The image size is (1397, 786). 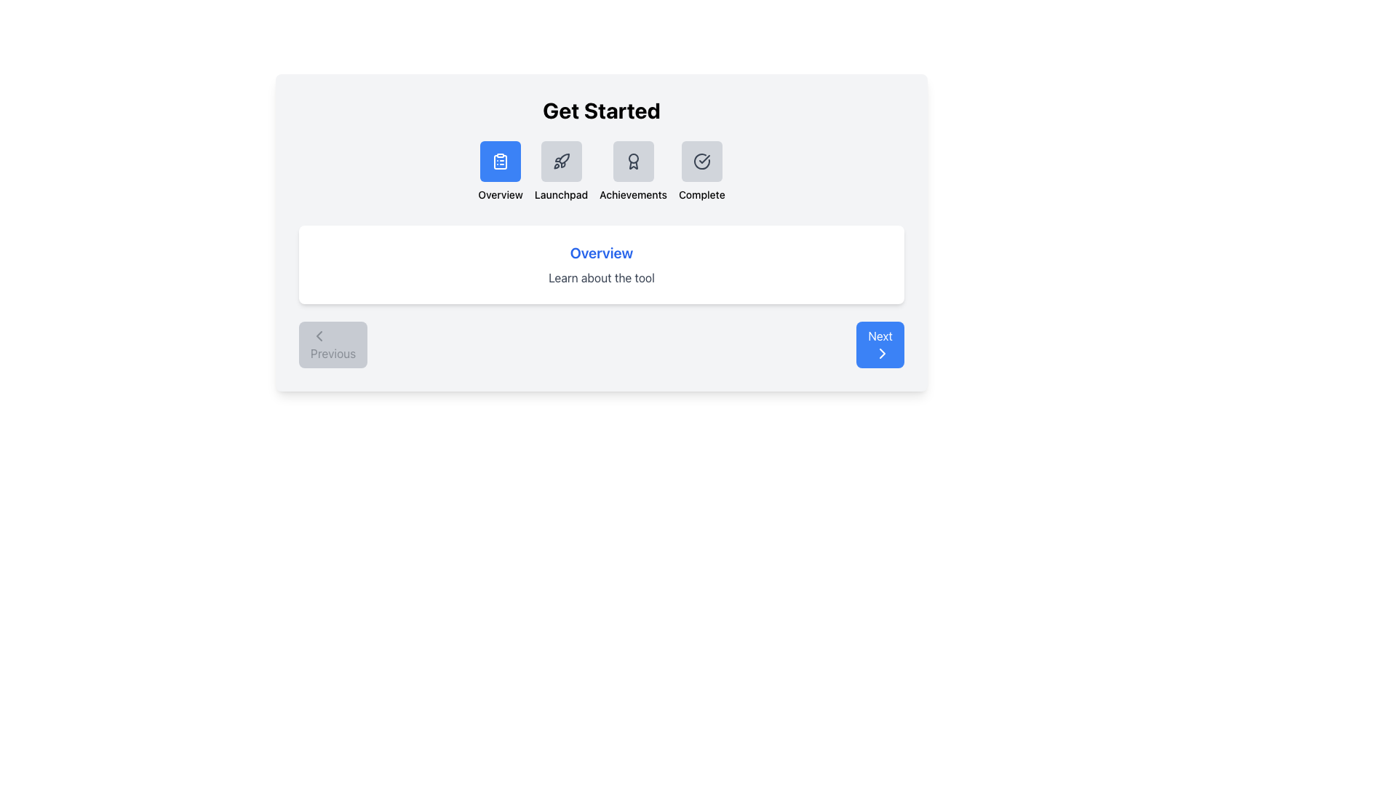 I want to click on the first button in the row, located beneath the 'Get Started' header, so click(x=501, y=162).